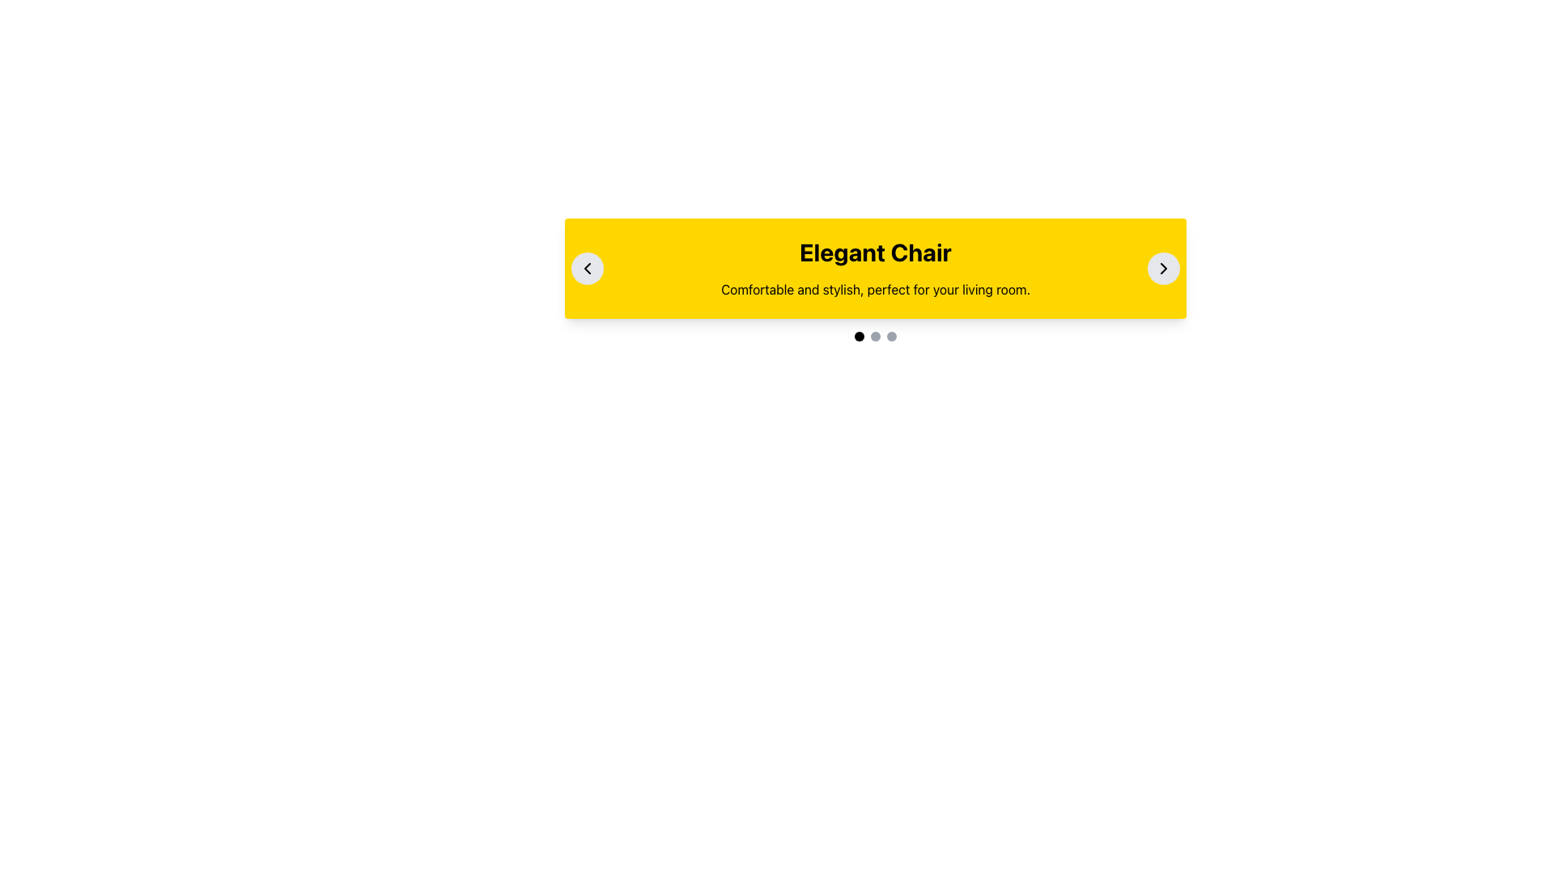 The image size is (1554, 874). I want to click on the left-facing chevron icon within the circular button on the yellow card labeled 'Elegant Chair' to trigger hover effects, so click(586, 267).